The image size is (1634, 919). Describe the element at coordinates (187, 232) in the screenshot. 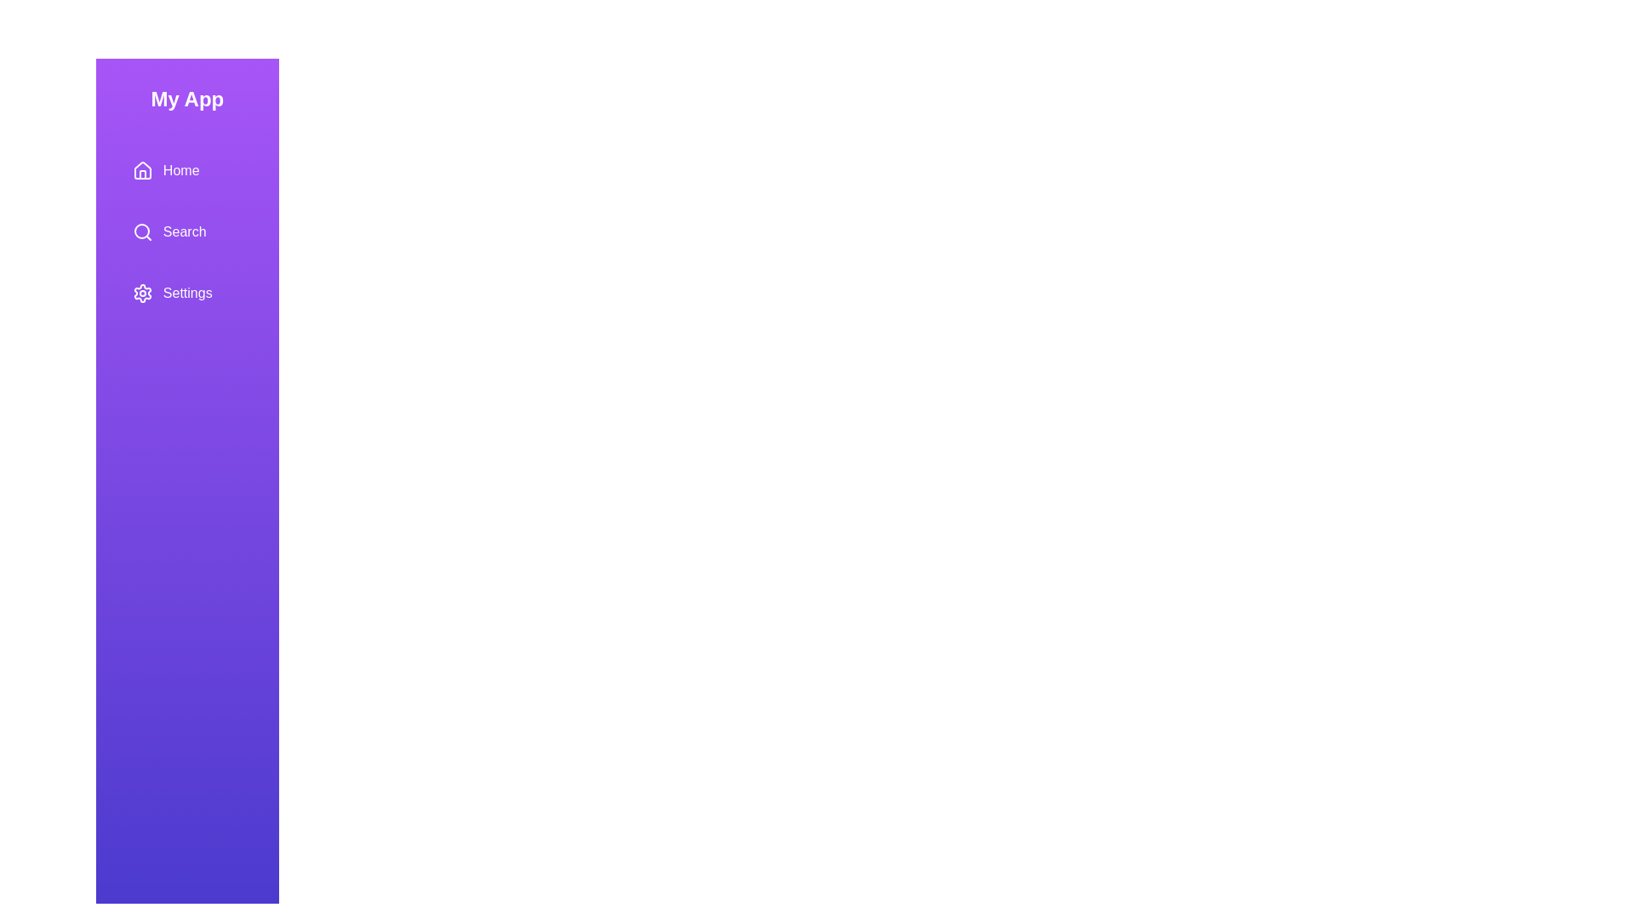

I see `the Search menu option` at that location.